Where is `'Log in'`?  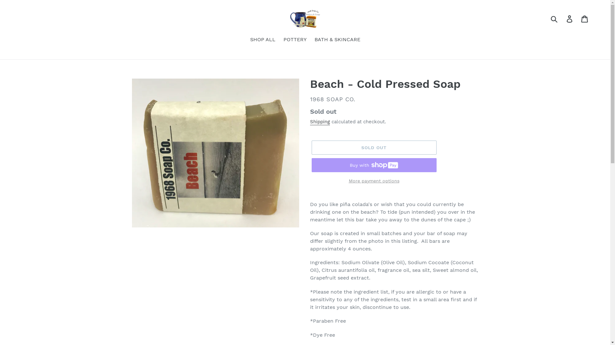
'Log in' is located at coordinates (570, 18).